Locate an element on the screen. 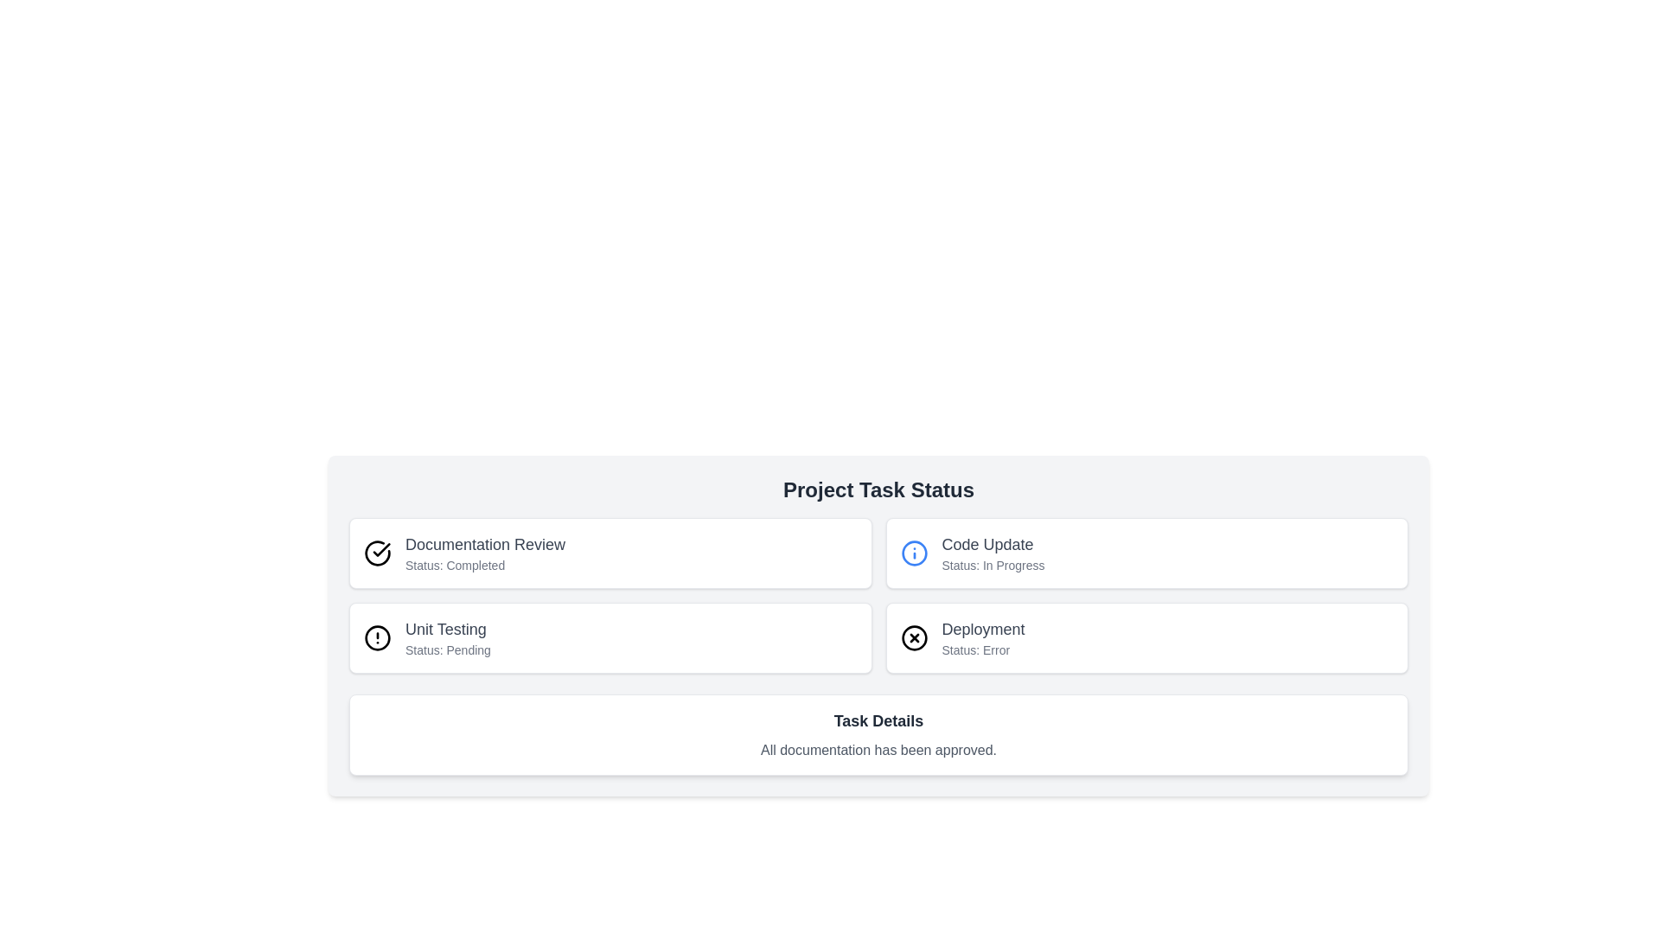 The image size is (1660, 934). the content of the Text display element that shows 'Documentation Review' and 'Status: Completed' located in the top-left section of a card with a green check icon is located at coordinates (484, 553).